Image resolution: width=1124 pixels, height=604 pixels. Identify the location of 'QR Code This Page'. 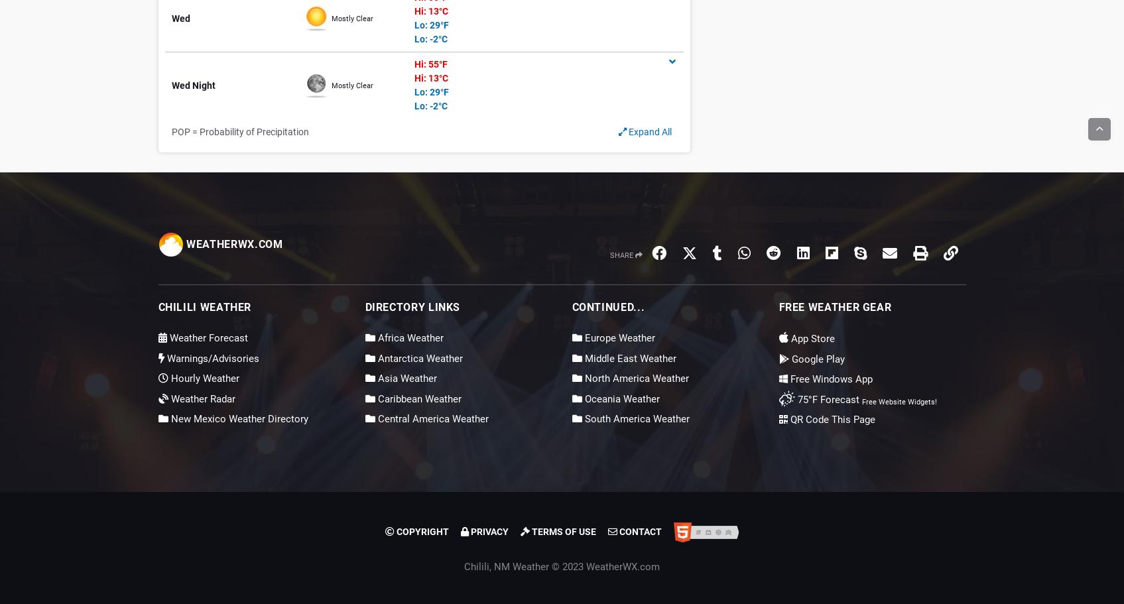
(830, 419).